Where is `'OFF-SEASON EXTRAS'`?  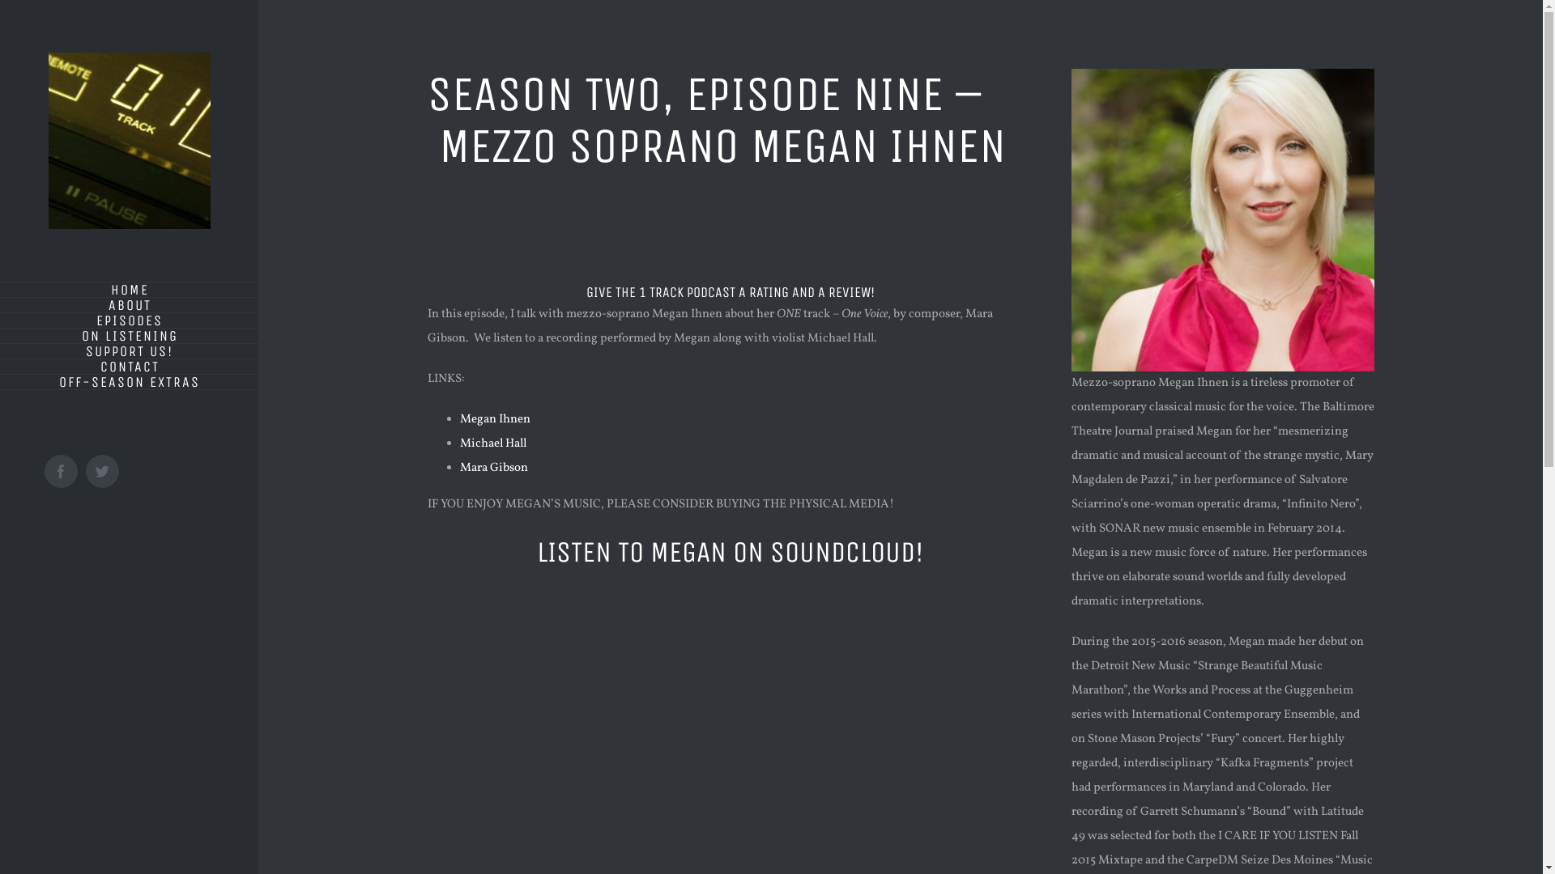
'OFF-SEASON EXTRAS' is located at coordinates (128, 382).